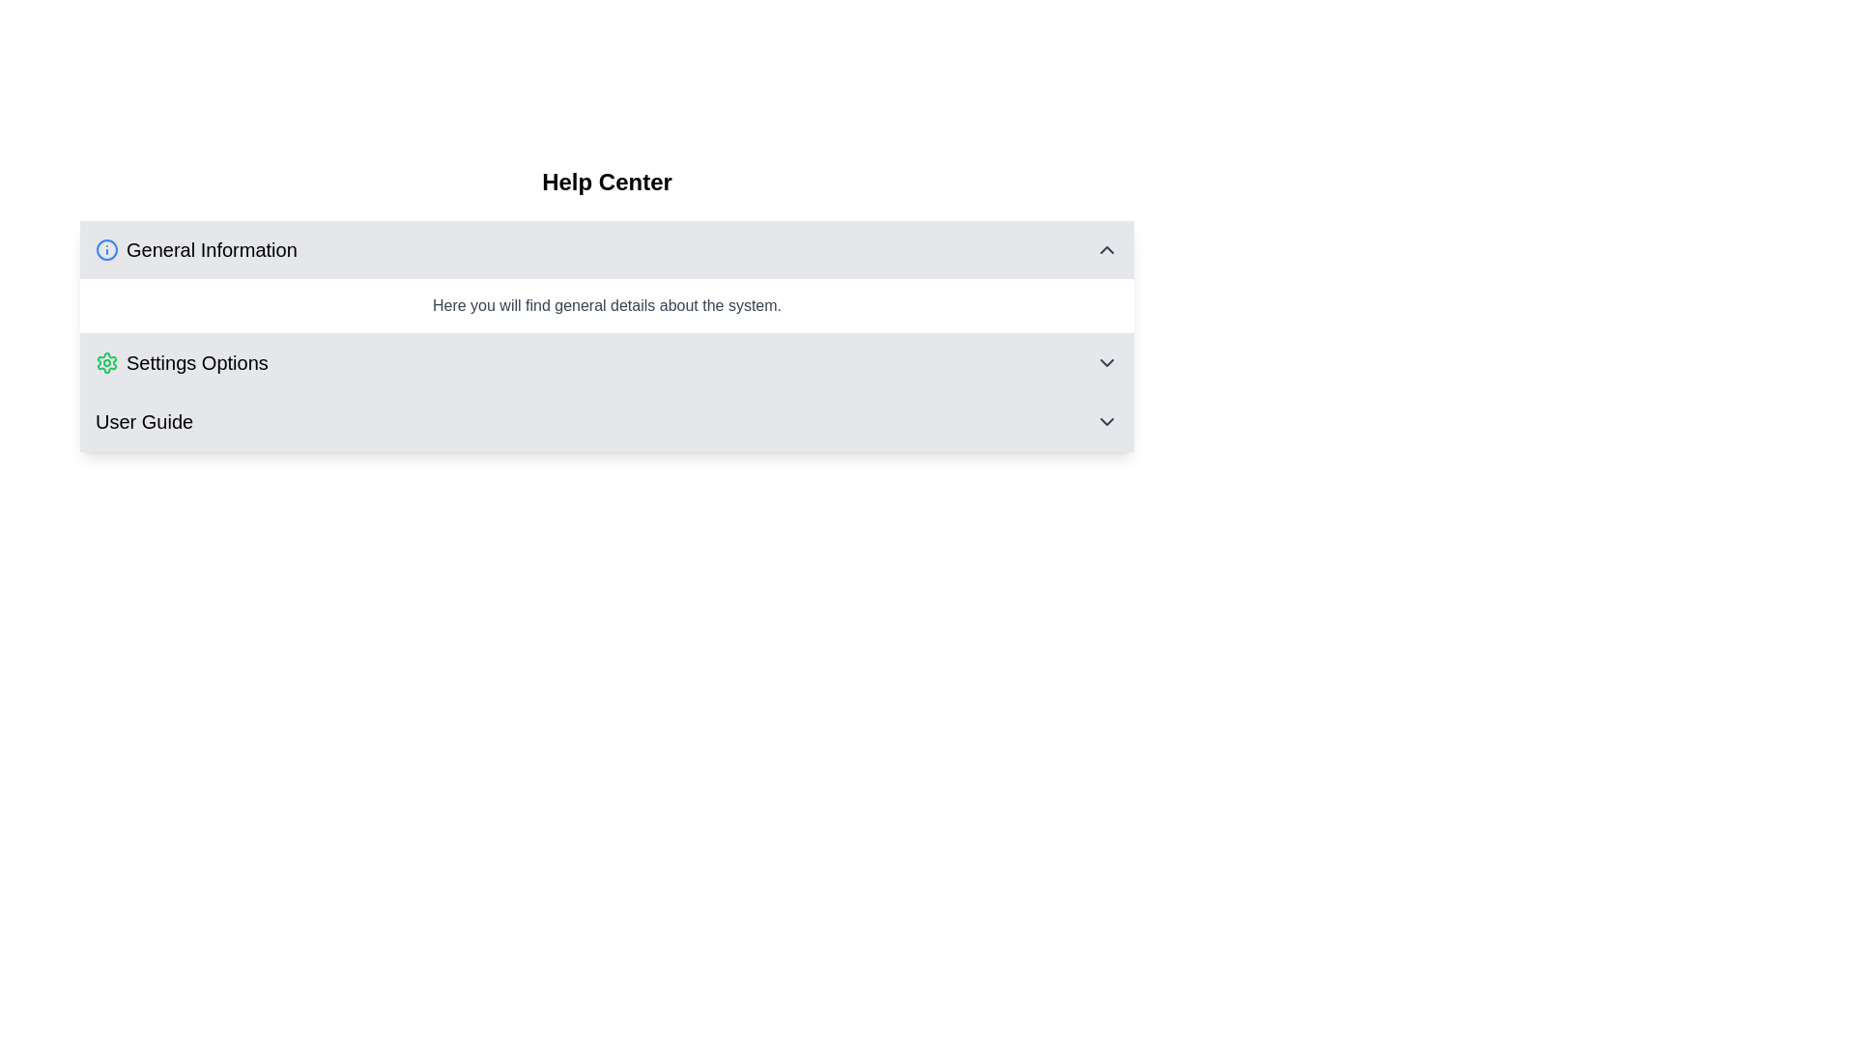 This screenshot has width=1855, height=1043. I want to click on text label displaying 'Here you will find general details about the system.' located in the gray panel under the 'General Information' section of the 'Help Center' interface, so click(606, 304).